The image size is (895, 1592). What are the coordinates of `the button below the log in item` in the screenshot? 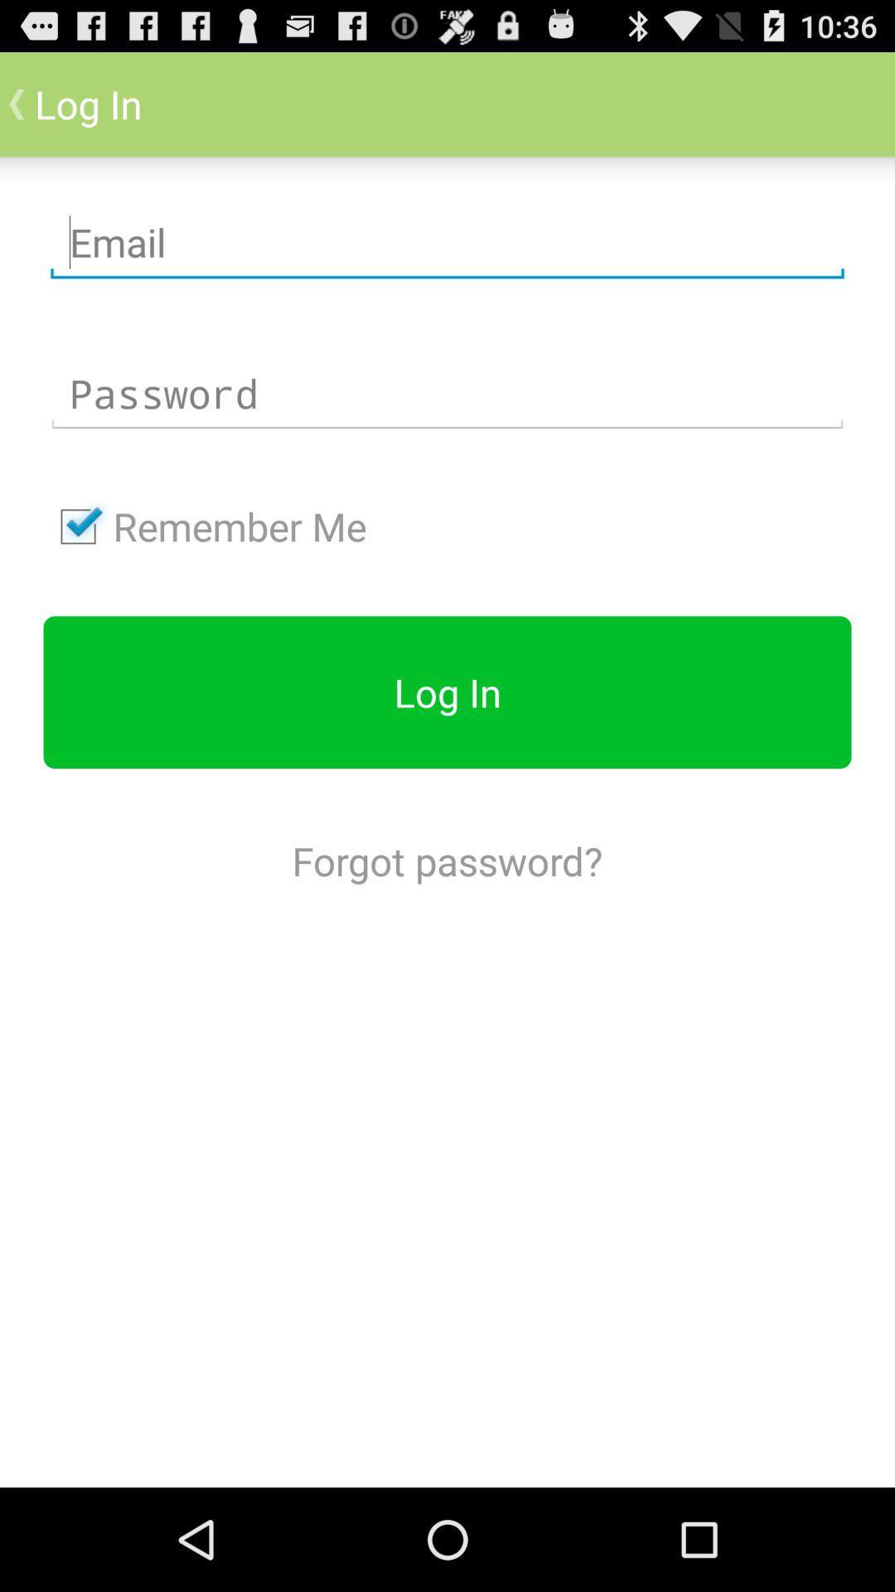 It's located at (447, 861).